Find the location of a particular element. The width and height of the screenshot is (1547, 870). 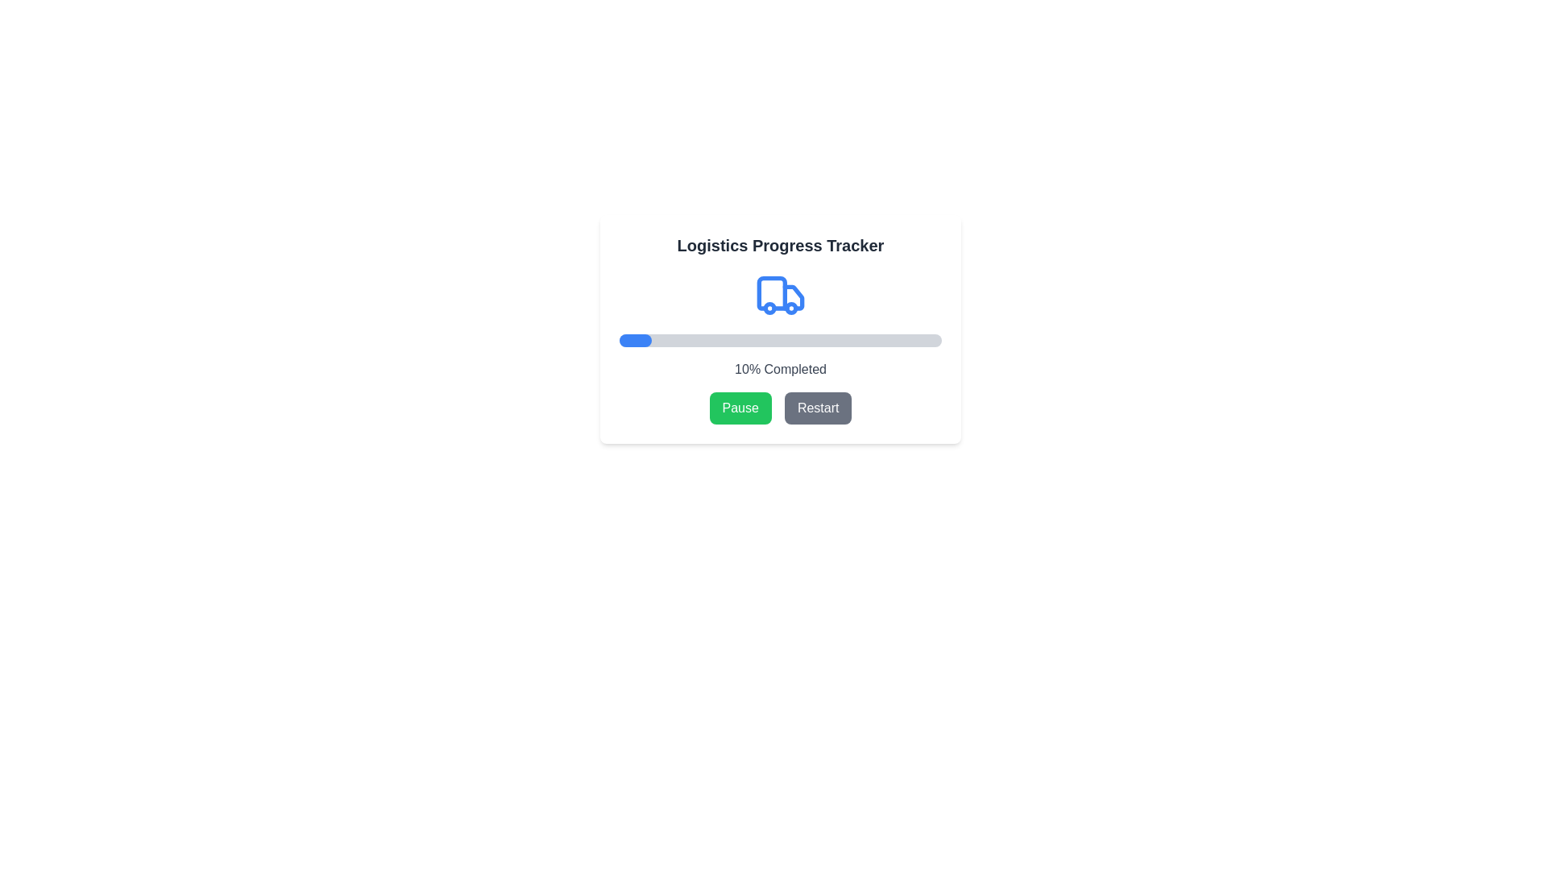

completion percentage information displayed on the label located centrally below the progress bar is located at coordinates (781, 370).